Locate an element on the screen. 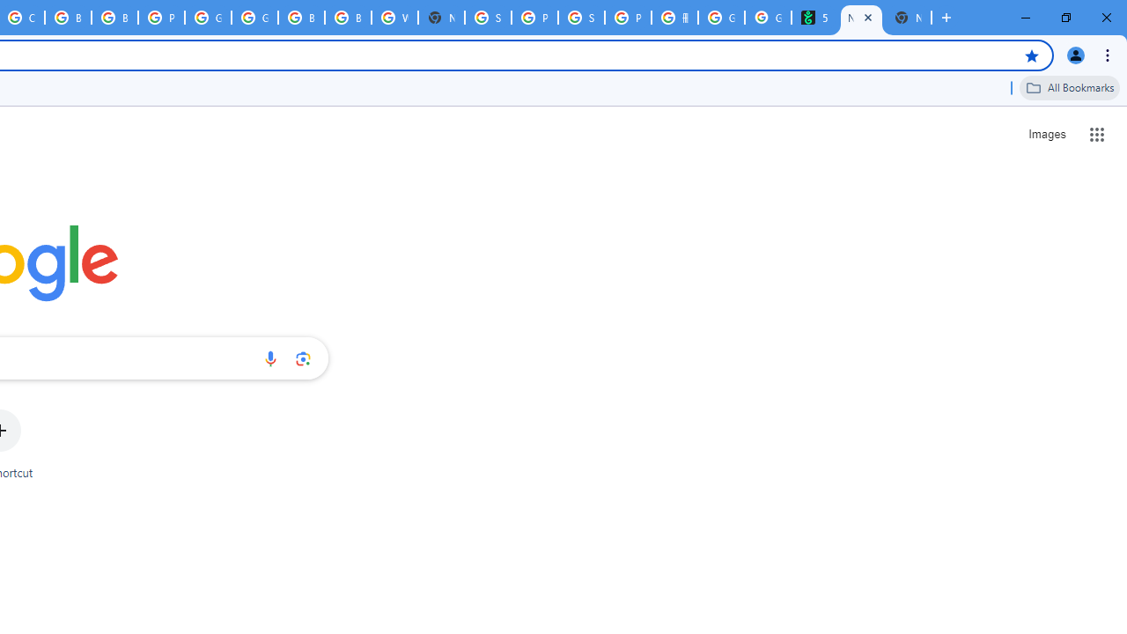  'All Bookmarks' is located at coordinates (1069, 87).